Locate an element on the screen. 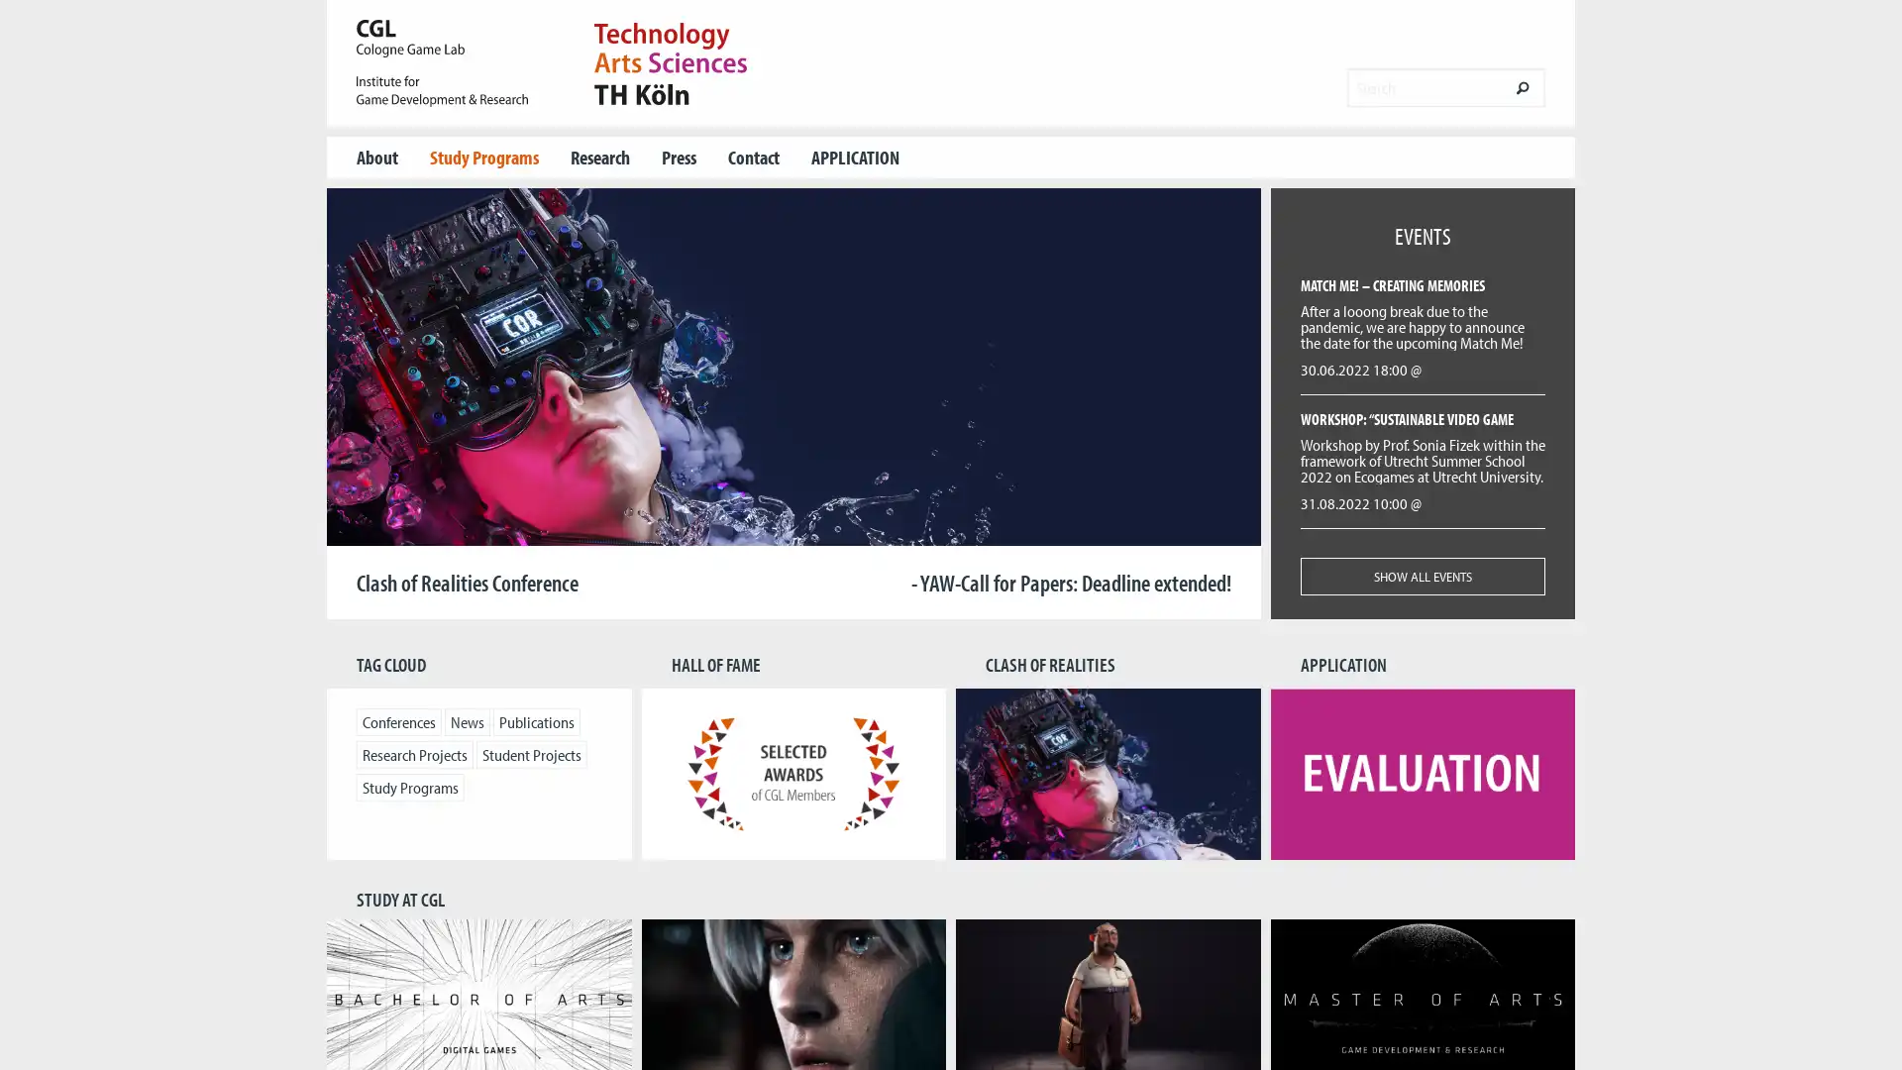 The width and height of the screenshot is (1902, 1070). Greening Games is located at coordinates (803, 529).